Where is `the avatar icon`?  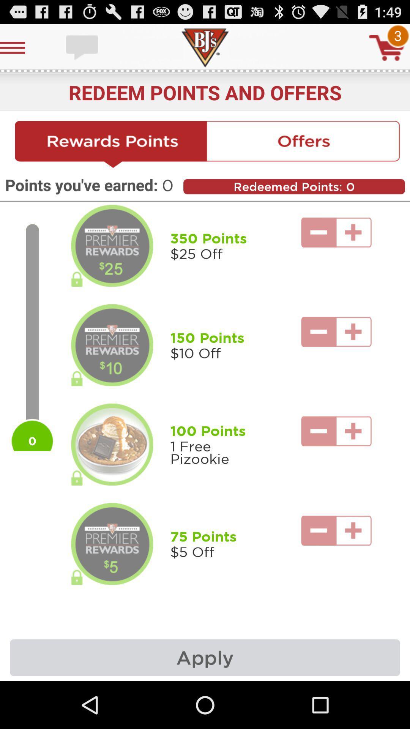 the avatar icon is located at coordinates (112, 263).